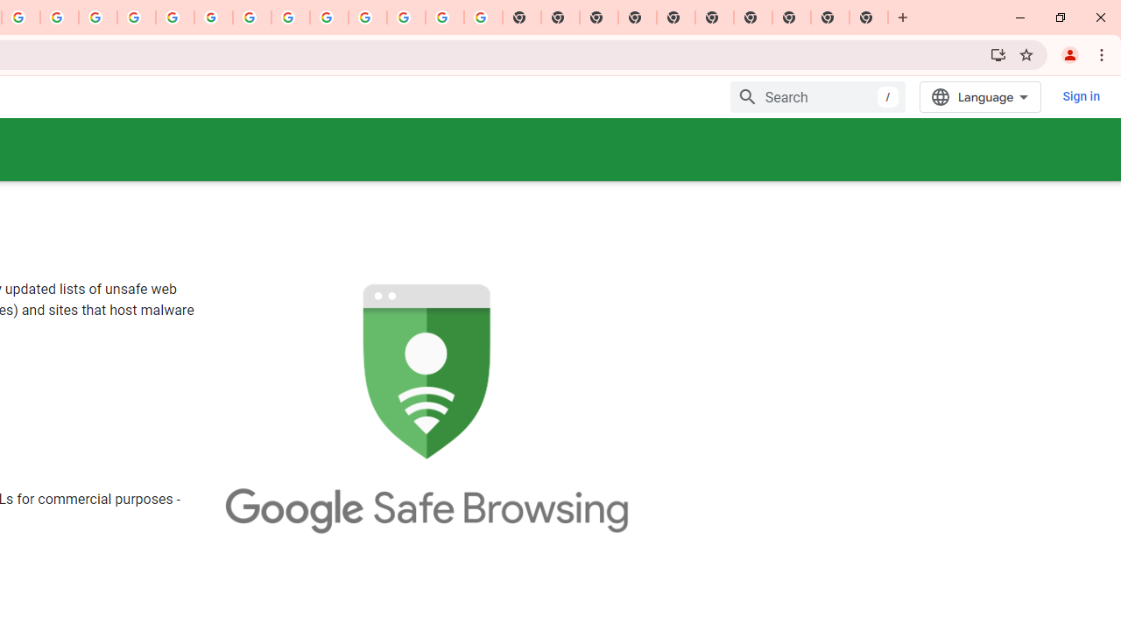  I want to click on 'New Tab', so click(869, 17).